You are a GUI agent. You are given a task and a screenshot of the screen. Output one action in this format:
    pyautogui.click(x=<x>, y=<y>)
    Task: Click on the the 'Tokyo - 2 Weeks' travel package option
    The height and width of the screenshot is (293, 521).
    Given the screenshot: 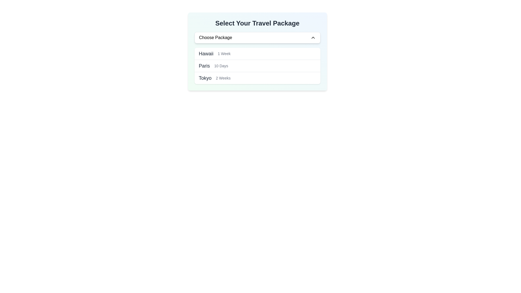 What is the action you would take?
    pyautogui.click(x=257, y=78)
    